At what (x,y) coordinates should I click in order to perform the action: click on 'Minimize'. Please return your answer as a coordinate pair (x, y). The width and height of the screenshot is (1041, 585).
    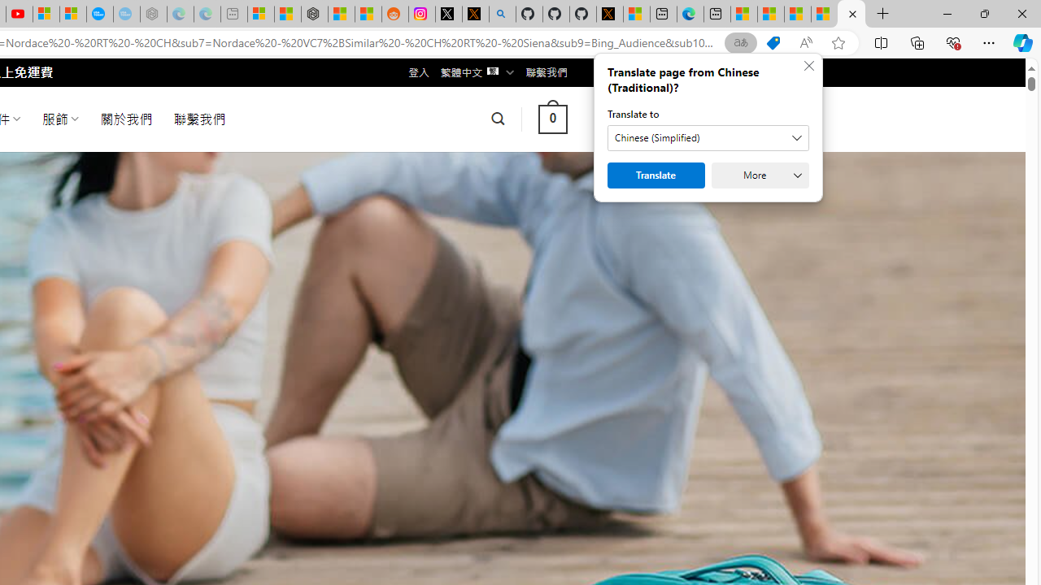
    Looking at the image, I should click on (947, 13).